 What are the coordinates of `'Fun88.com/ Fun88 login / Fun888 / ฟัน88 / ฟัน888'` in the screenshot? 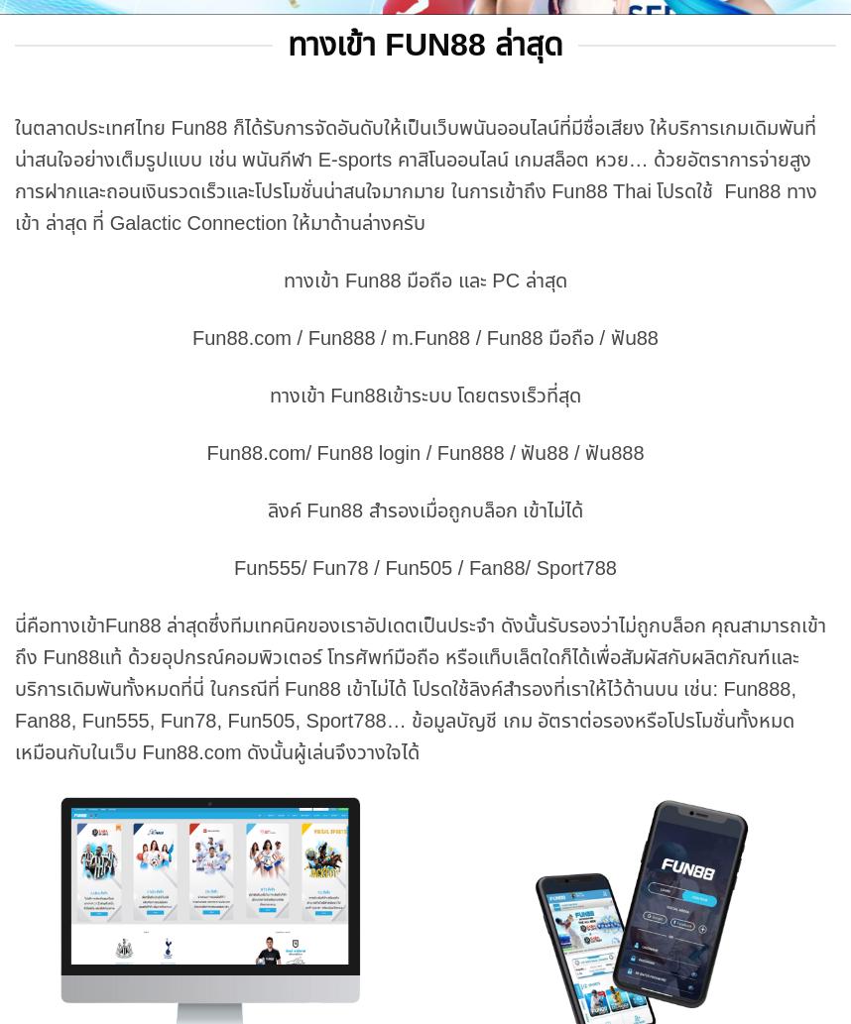 It's located at (205, 451).